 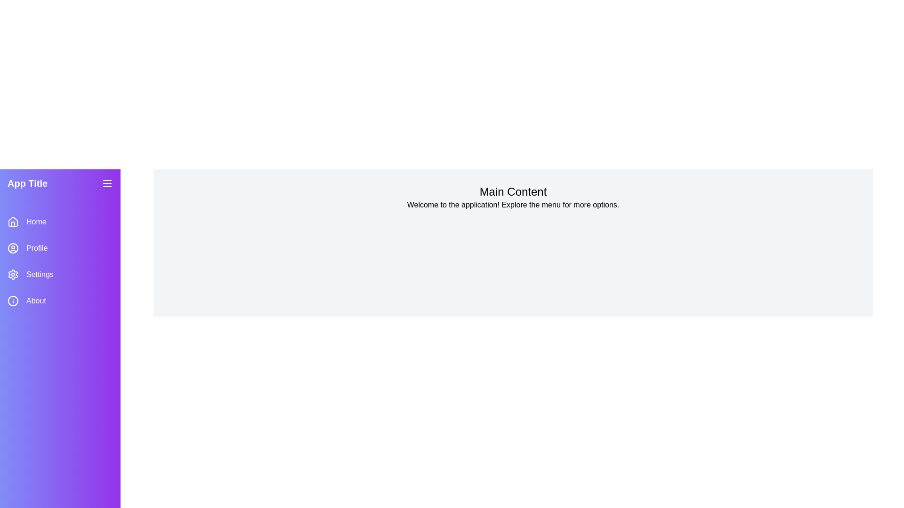 What do you see at coordinates (60, 248) in the screenshot?
I see `the sidebar menu item labeled Profile` at bounding box center [60, 248].